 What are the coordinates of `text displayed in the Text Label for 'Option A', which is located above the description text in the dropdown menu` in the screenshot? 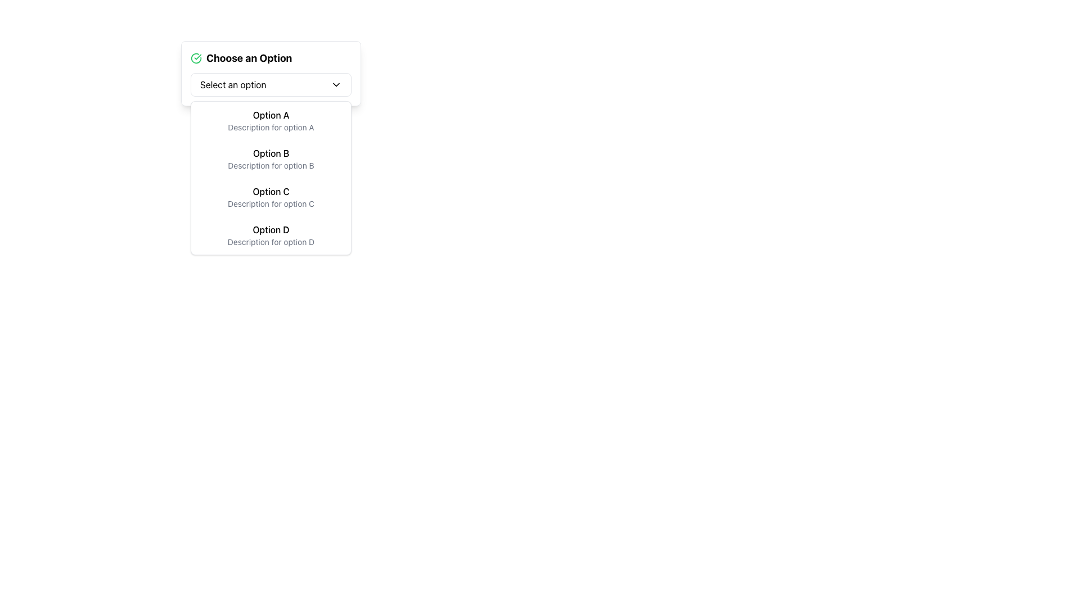 It's located at (271, 115).